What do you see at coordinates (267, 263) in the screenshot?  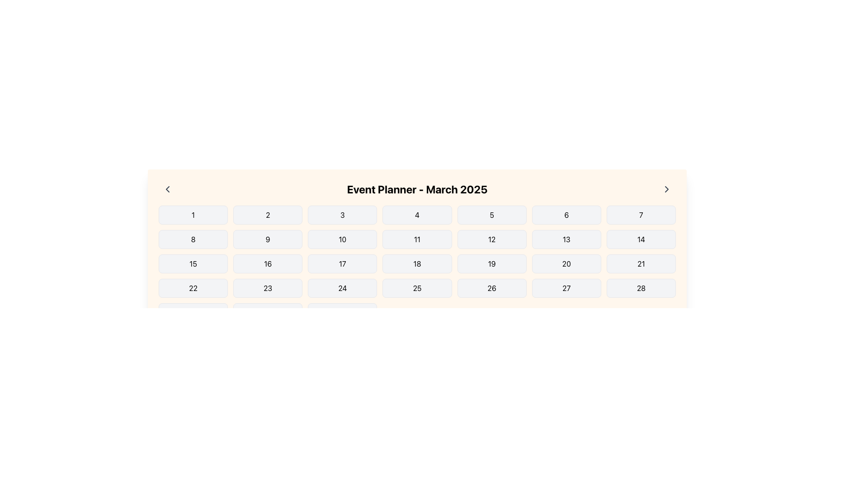 I see `the bold numeral '16' displayed within a rectangular button in the calendar grid layout` at bounding box center [267, 263].